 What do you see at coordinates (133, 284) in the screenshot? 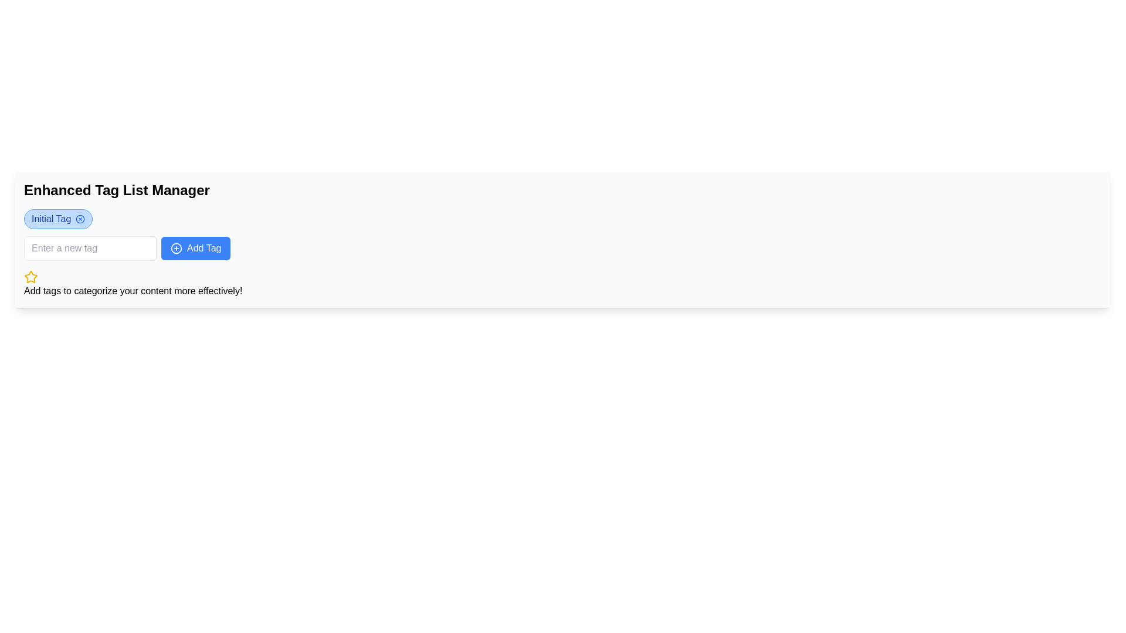
I see `the informational text label with an icon that guides users on how to effectively use the tagging feature, located beneath the 'Add Tag' section` at bounding box center [133, 284].